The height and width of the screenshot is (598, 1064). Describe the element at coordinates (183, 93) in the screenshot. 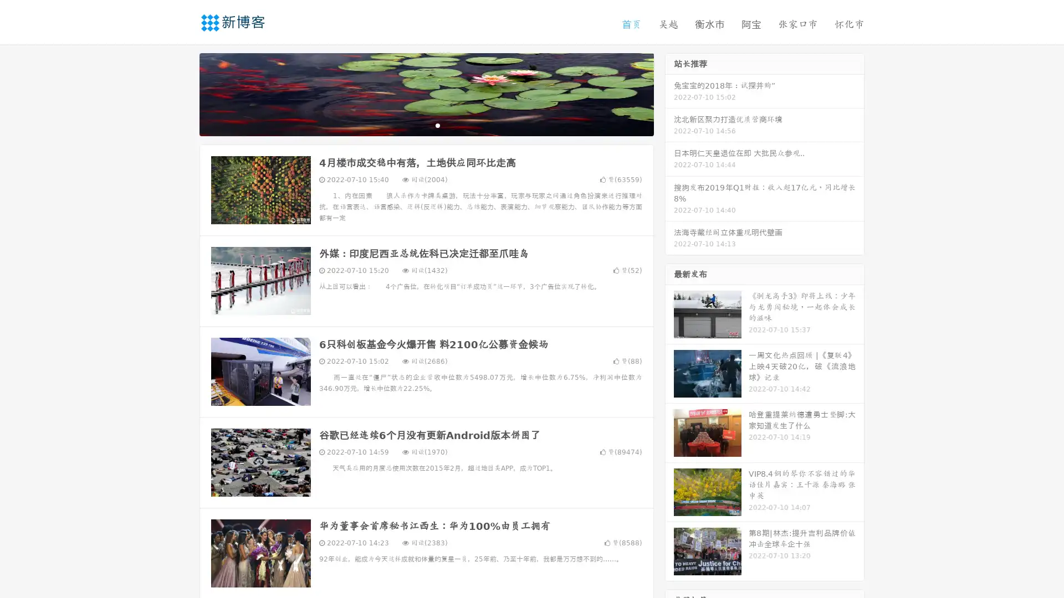

I see `Previous slide` at that location.